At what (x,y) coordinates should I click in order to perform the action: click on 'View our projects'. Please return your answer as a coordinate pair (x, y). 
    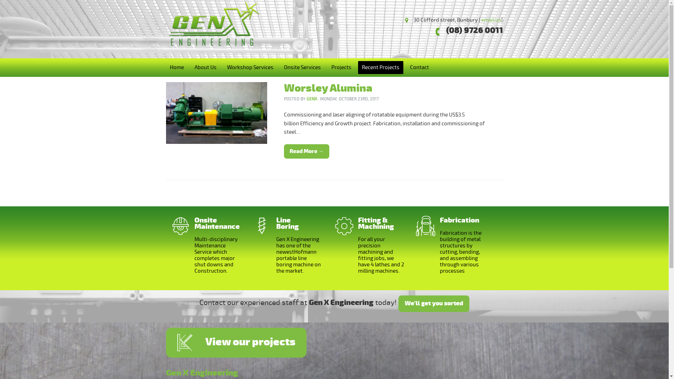
    Looking at the image, I should click on (236, 342).